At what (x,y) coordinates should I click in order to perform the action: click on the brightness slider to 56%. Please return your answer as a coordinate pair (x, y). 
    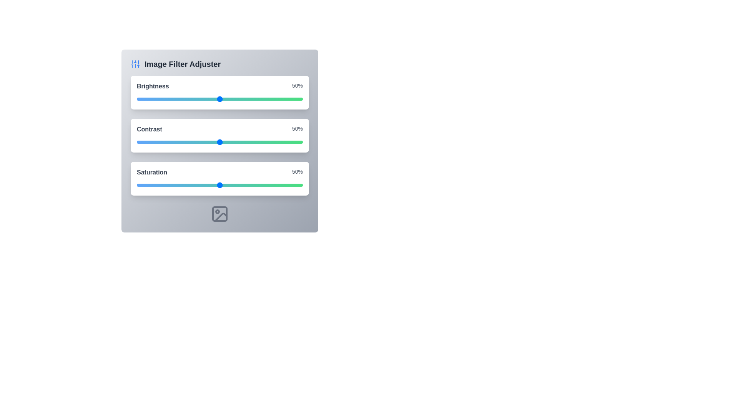
    Looking at the image, I should click on (229, 99).